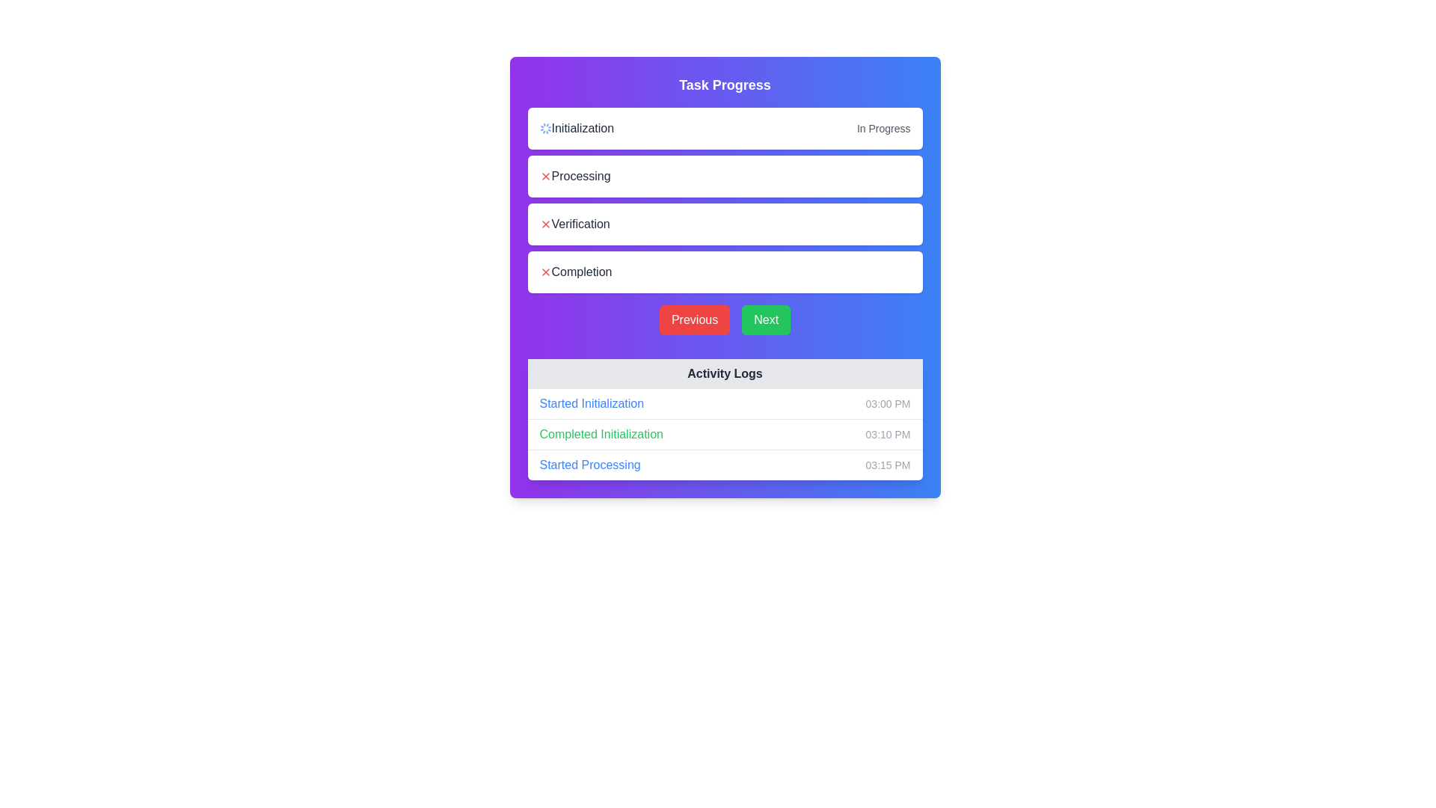 The image size is (1436, 808). I want to click on the status text label with an icon that indicates the processing status, located in the center of the white rectangular card, so click(574, 175).